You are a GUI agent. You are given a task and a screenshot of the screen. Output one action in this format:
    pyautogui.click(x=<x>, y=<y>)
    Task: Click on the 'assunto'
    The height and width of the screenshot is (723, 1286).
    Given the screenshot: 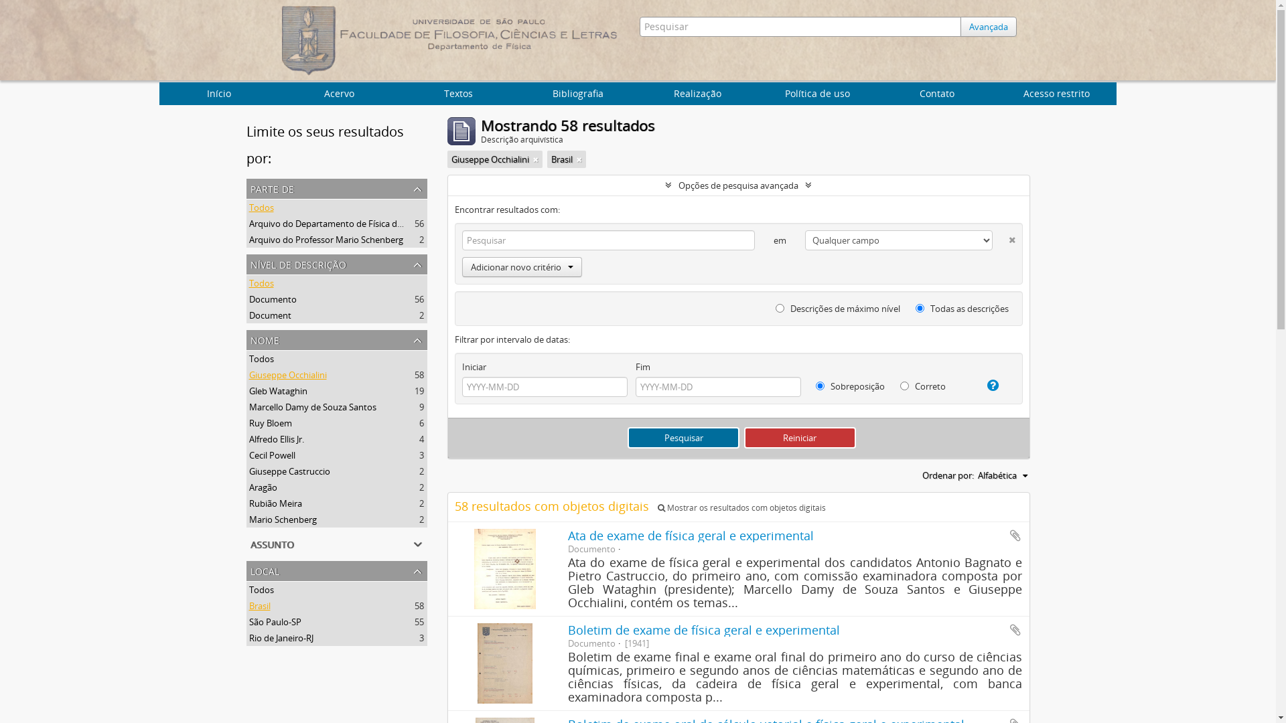 What is the action you would take?
    pyautogui.click(x=337, y=544)
    